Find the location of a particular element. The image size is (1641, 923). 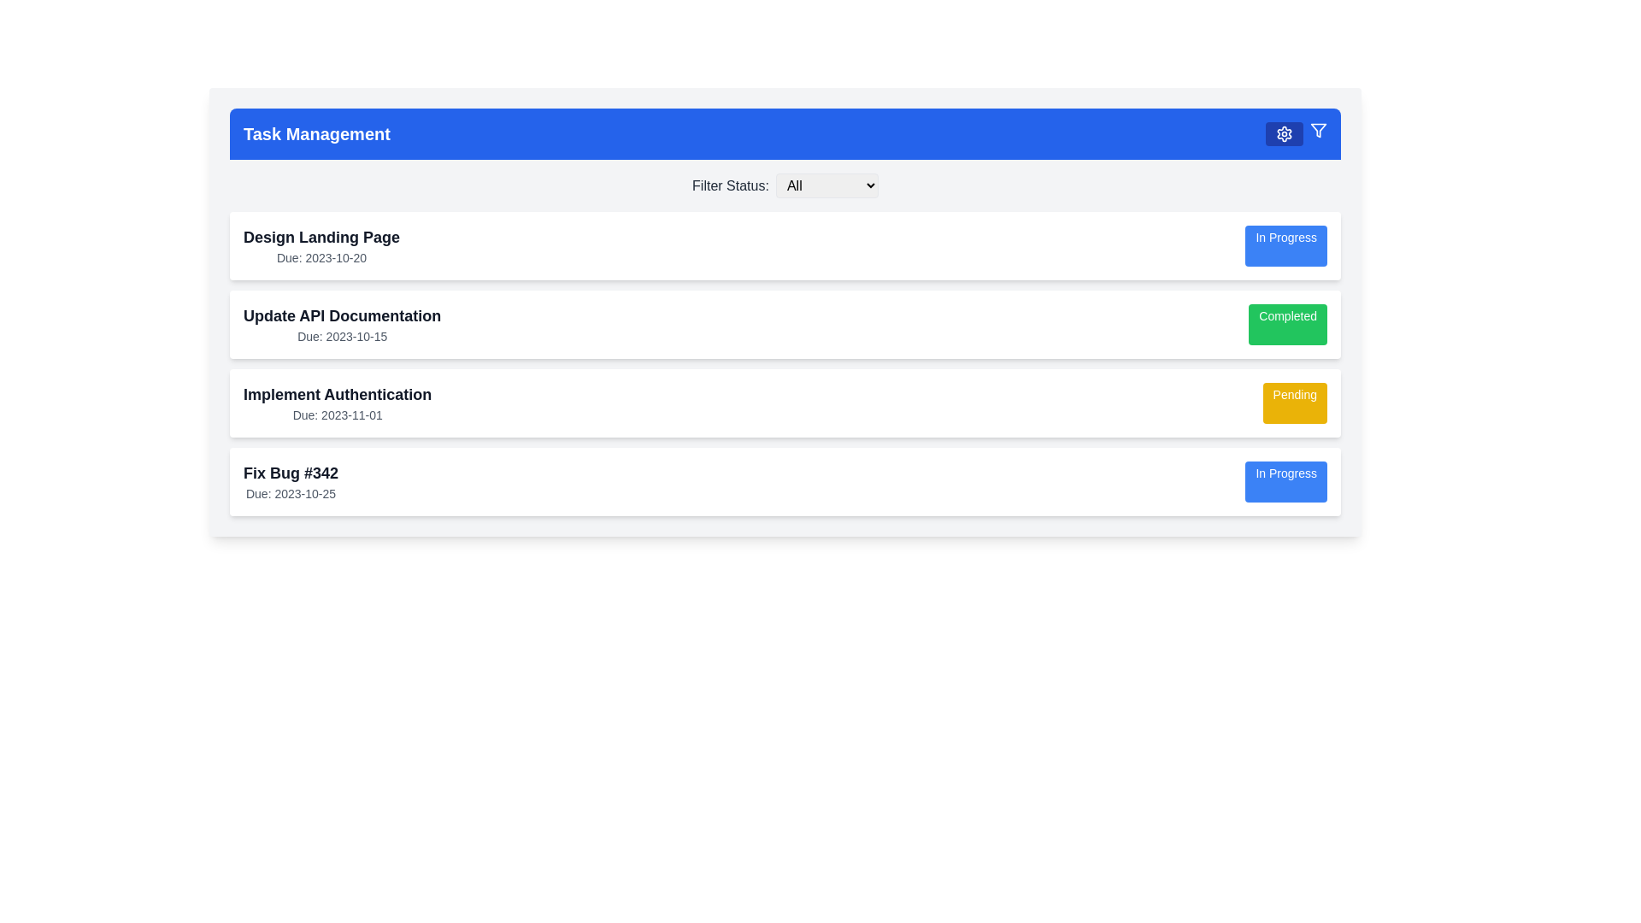

the text element displaying the title 'Fix Bug #342', which is prominently bold and located above the due date information in a card at the bottom of the task list is located at coordinates (291, 473).